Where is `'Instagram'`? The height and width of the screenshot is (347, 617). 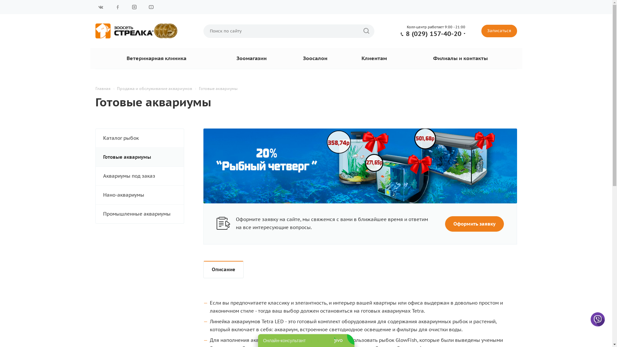
'Instagram' is located at coordinates (134, 7).